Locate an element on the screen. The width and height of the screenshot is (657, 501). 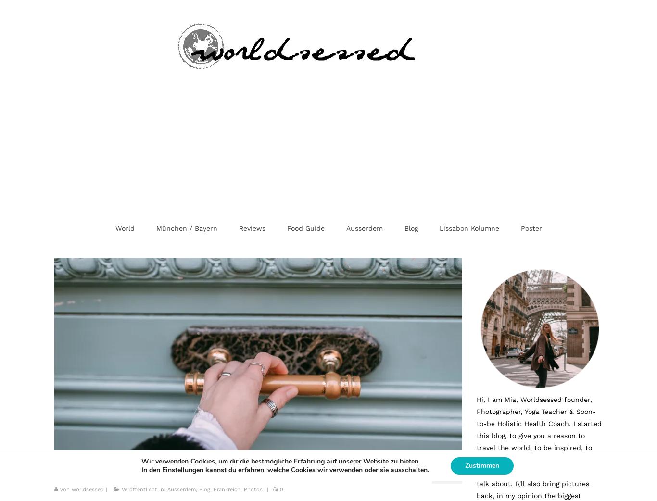
'kannst du erfahren, welche Cookies wir verwenden oder sie ausschalten.' is located at coordinates (316, 470).